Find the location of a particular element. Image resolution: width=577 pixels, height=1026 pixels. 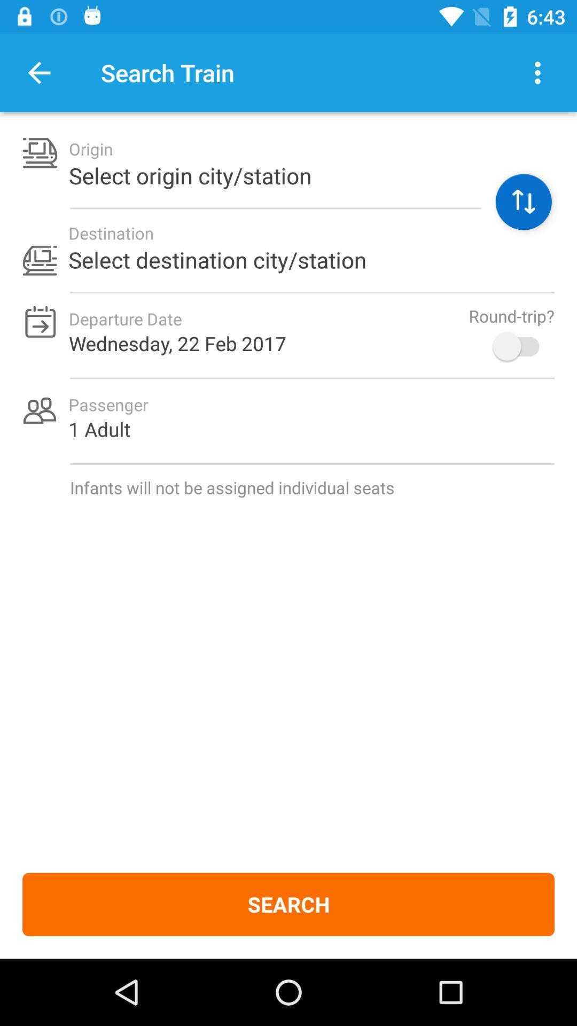

the item next to the search train icon is located at coordinates (537, 72).